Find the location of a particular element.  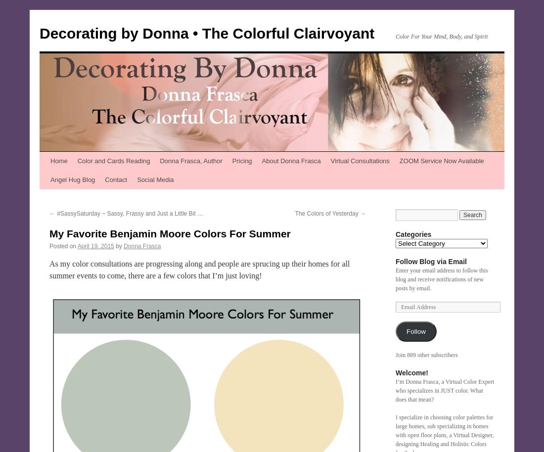

'by' is located at coordinates (119, 246).